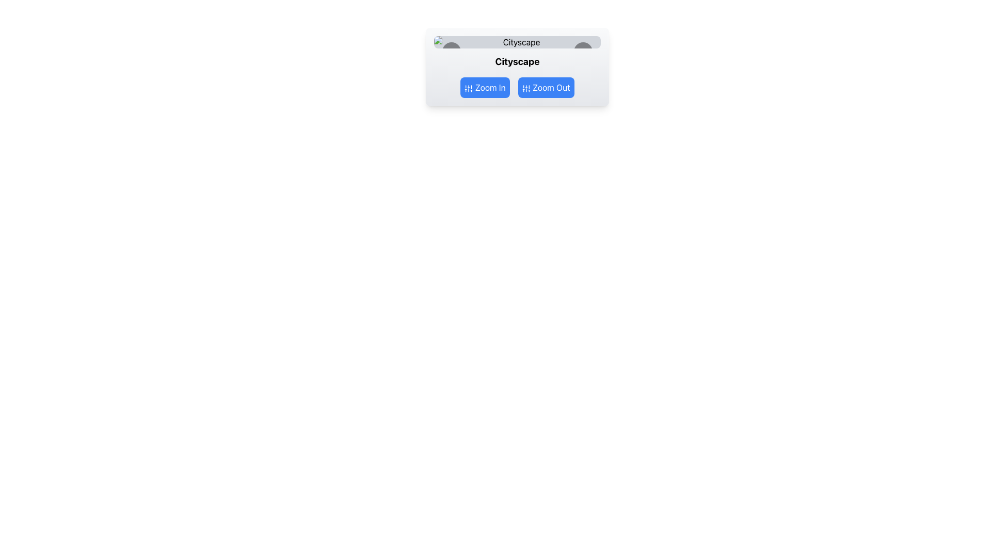 The image size is (991, 557). What do you see at coordinates (451, 52) in the screenshot?
I see `the left-pointing chevron icon located at the top-left corner of the interface, which is part of a navigational control` at bounding box center [451, 52].